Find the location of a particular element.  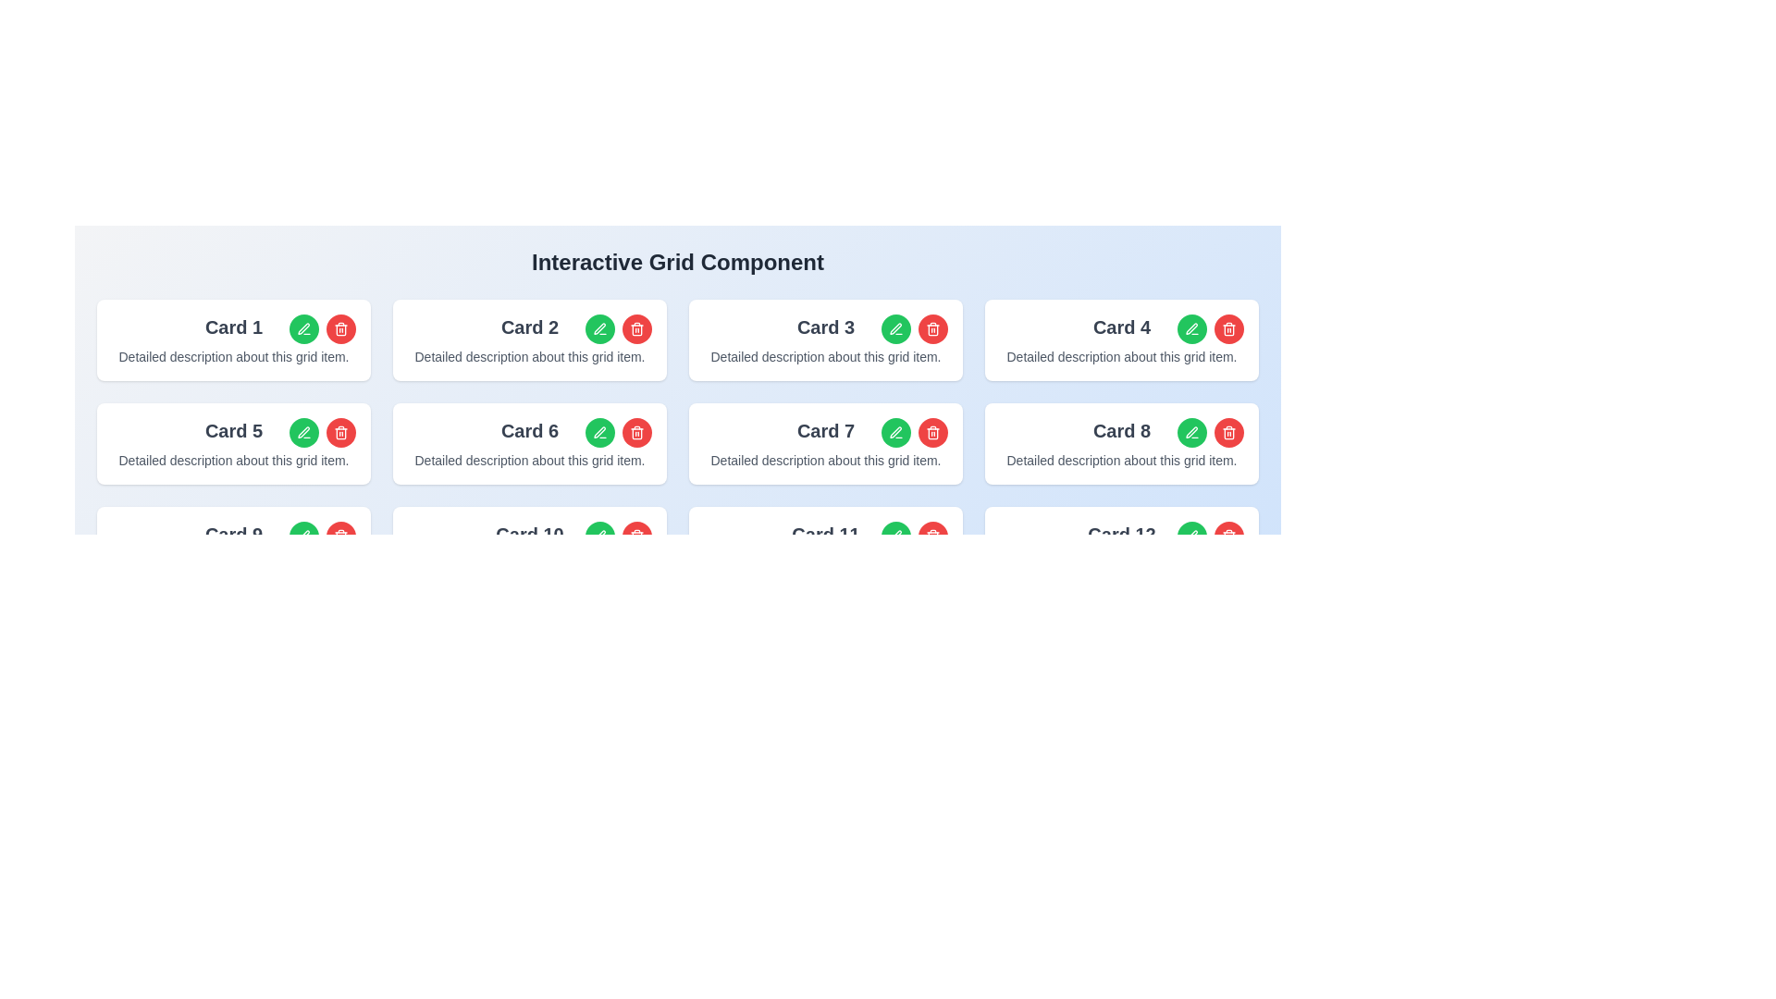

the circular edit button located at the top-right corner of 'Card 8', which is the first button in a horizontal group next to a red circular trash can button is located at coordinates (1192, 432).